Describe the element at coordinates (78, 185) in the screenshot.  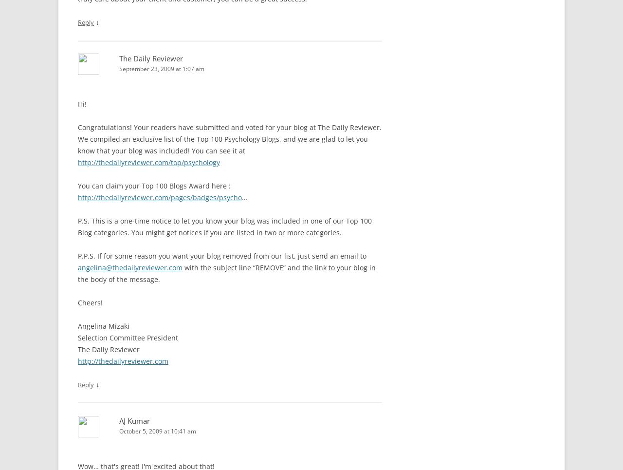
I see `'You can claim your Top 100 Blogs Award here :'` at that location.